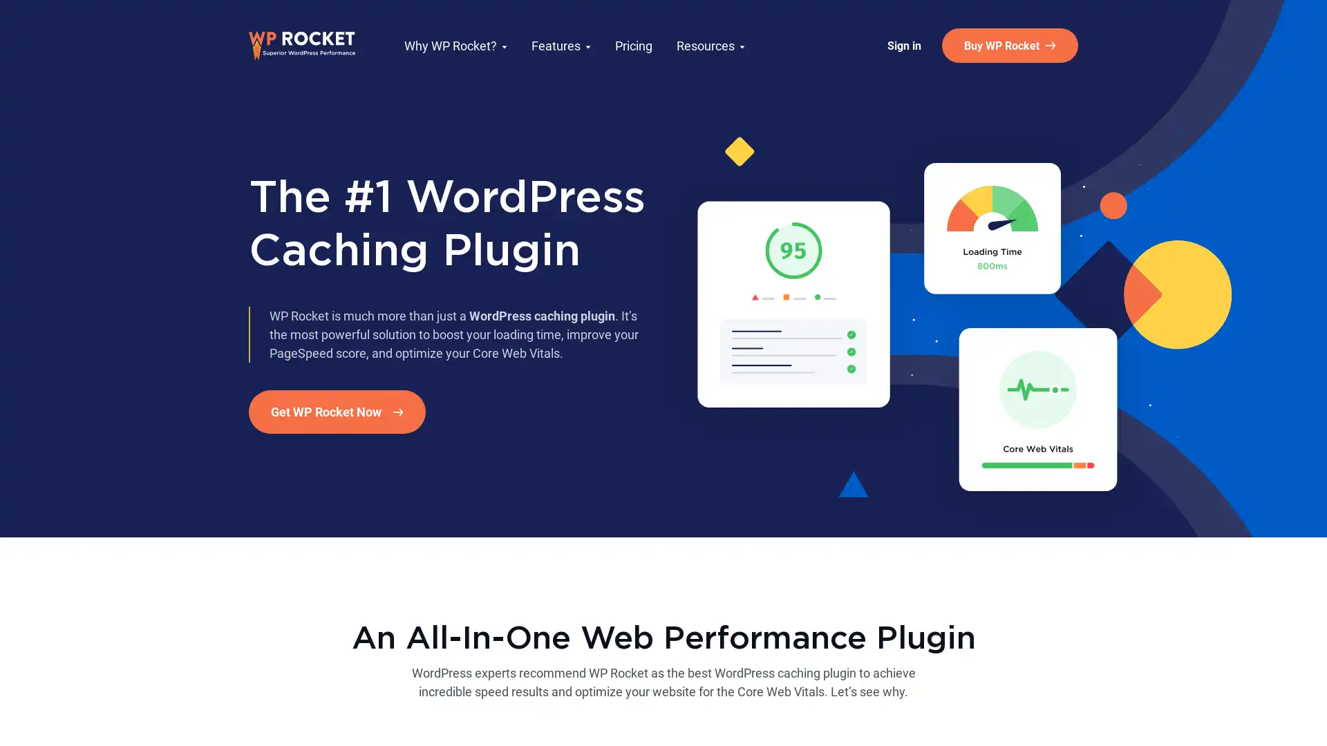 This screenshot has height=746, width=1327. I want to click on Resources, so click(710, 44).